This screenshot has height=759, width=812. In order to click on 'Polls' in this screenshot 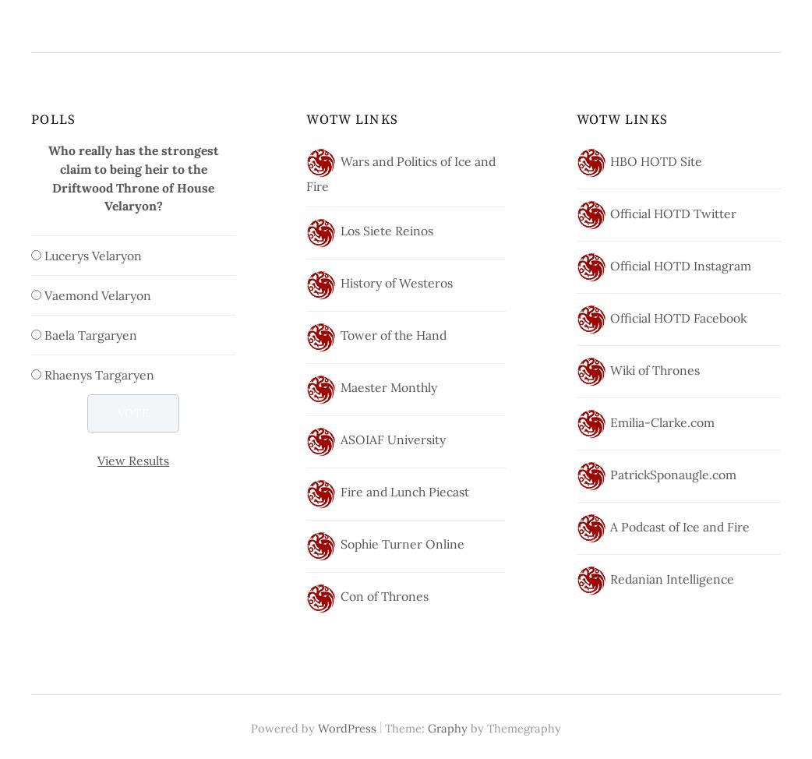, I will do `click(52, 118)`.